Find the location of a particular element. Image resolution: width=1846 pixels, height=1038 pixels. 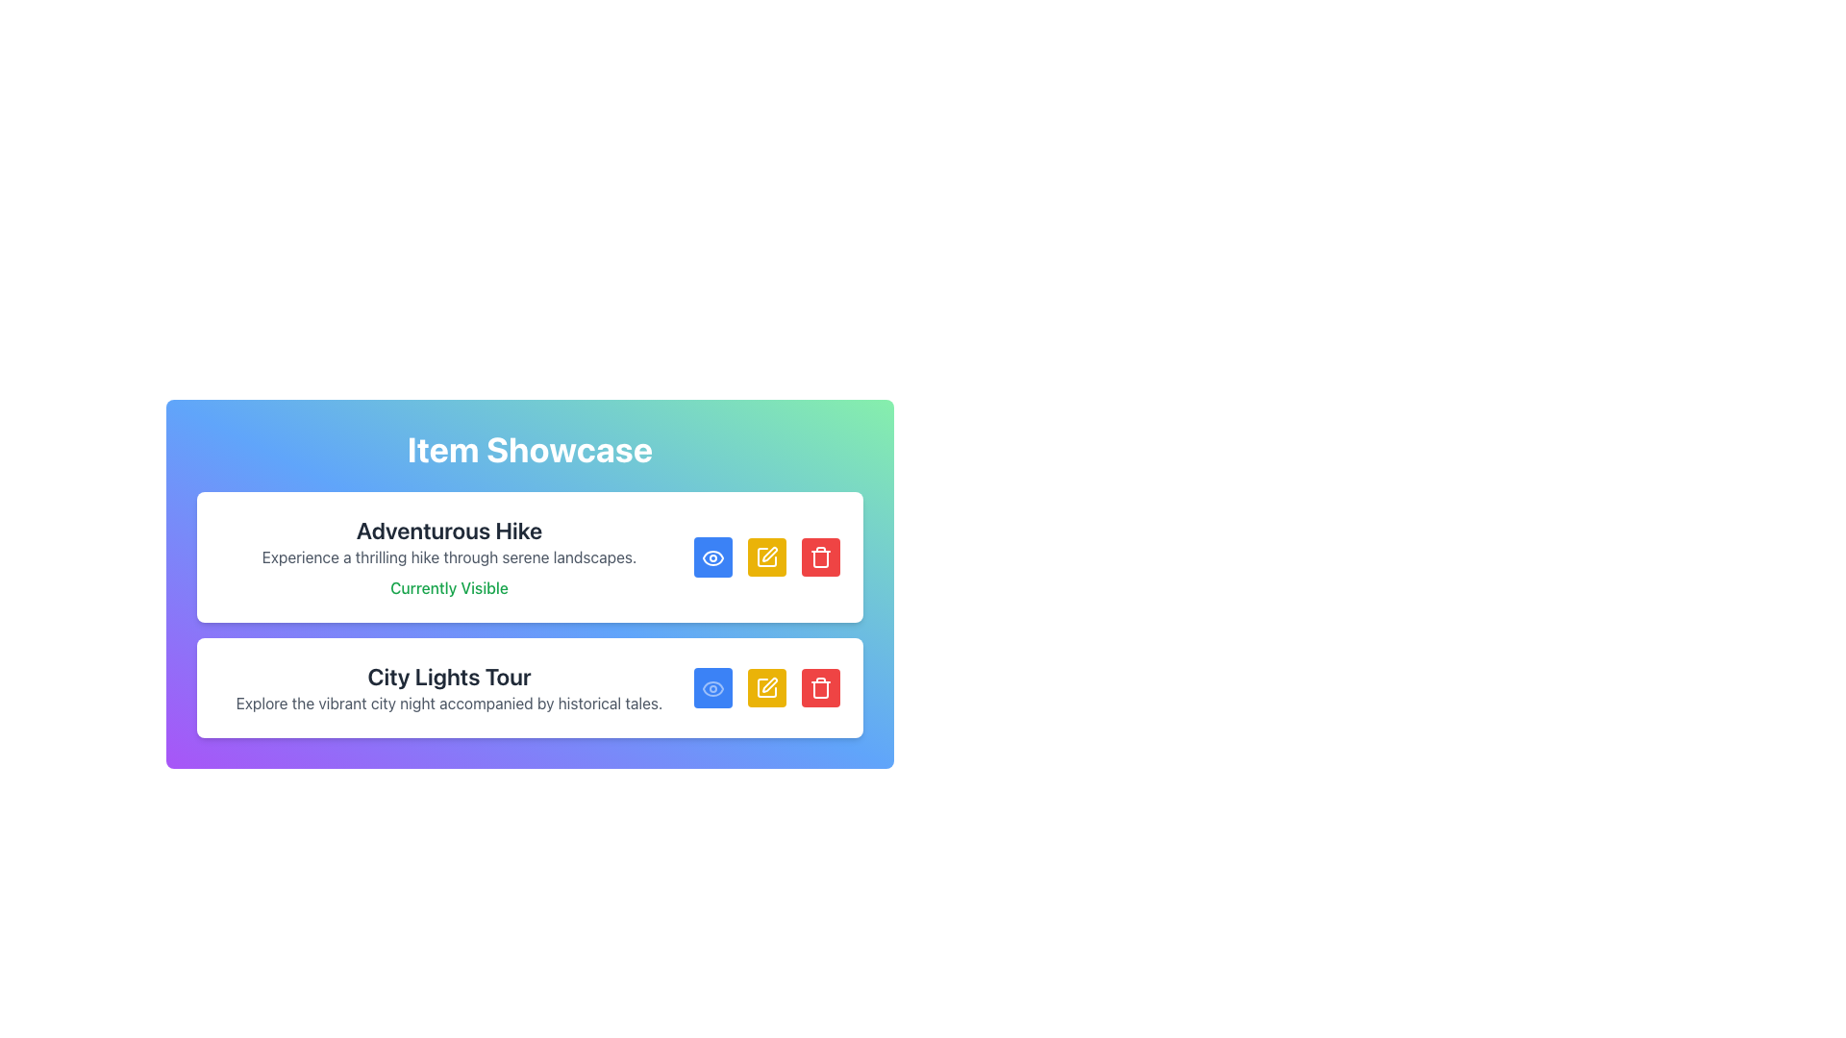

the blue button with an eye icon, which is the first button in a horizontal row of three buttons in the control panel for 'Adventurous Hike', to observe its hover effect is located at coordinates (712, 556).